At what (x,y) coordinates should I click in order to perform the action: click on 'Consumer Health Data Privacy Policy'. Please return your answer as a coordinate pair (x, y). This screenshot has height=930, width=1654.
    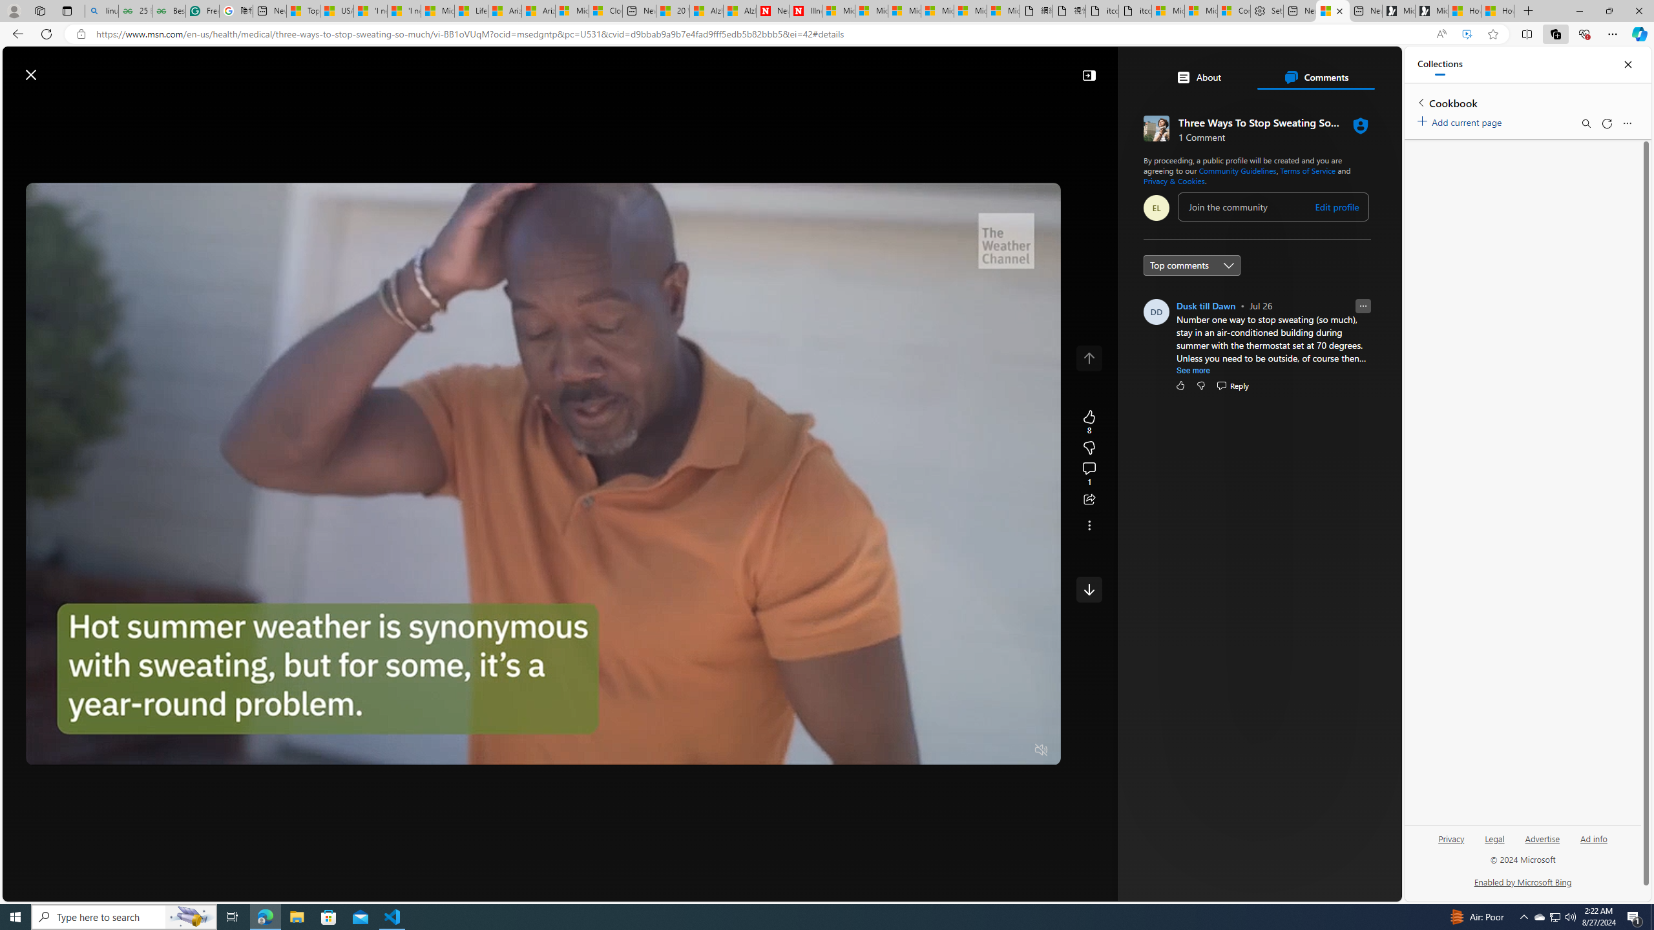
    Looking at the image, I should click on (1233, 10).